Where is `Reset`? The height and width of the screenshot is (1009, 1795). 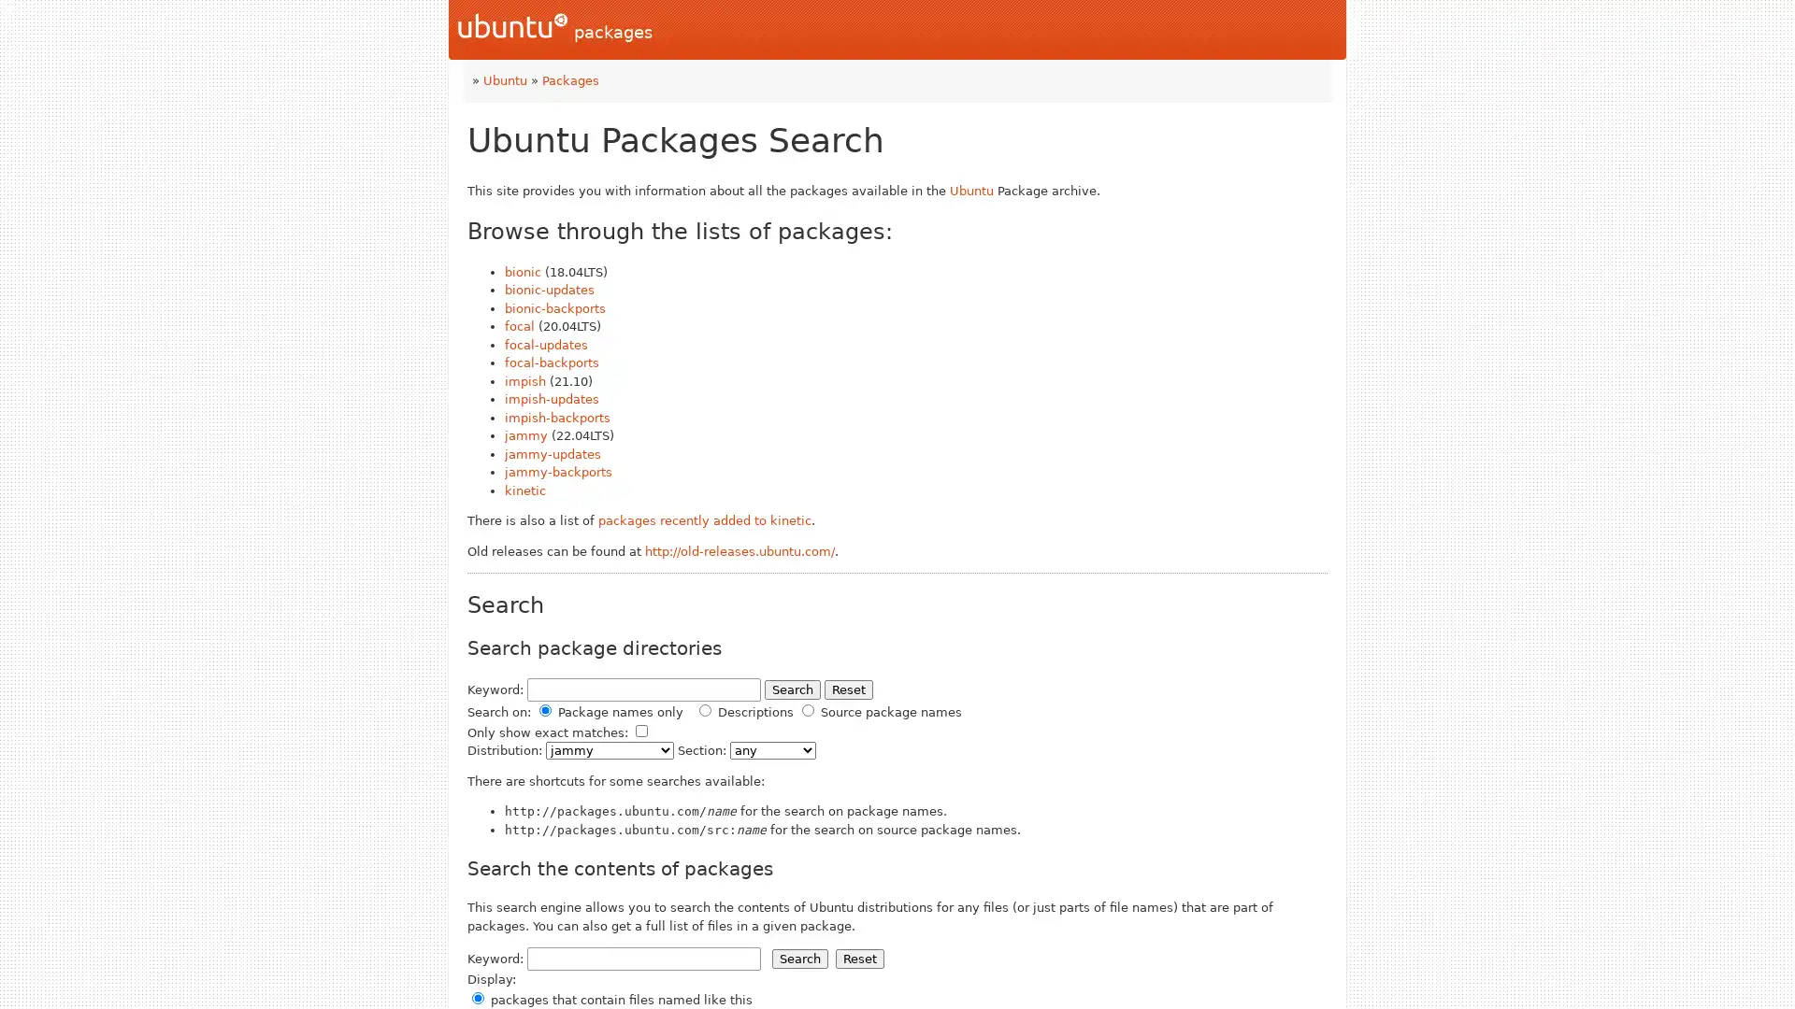
Reset is located at coordinates (847, 689).